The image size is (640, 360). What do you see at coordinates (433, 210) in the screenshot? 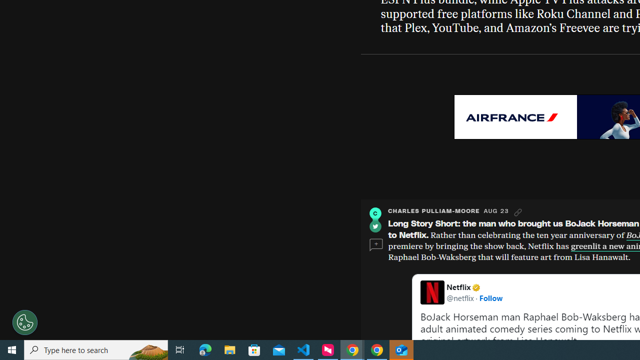
I see `'CHARLES PULLIAM-MOORE'` at bounding box center [433, 210].